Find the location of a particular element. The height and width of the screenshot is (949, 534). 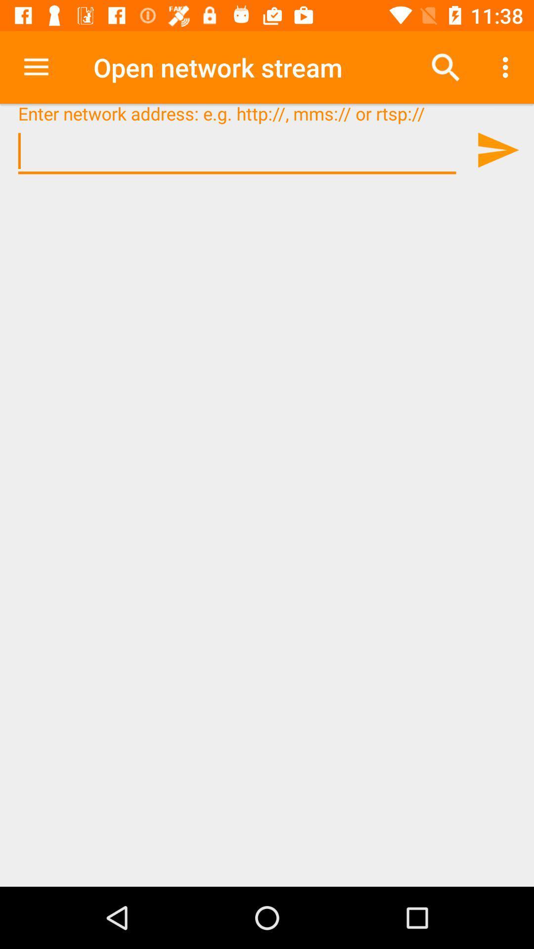

network address is located at coordinates (237, 151).